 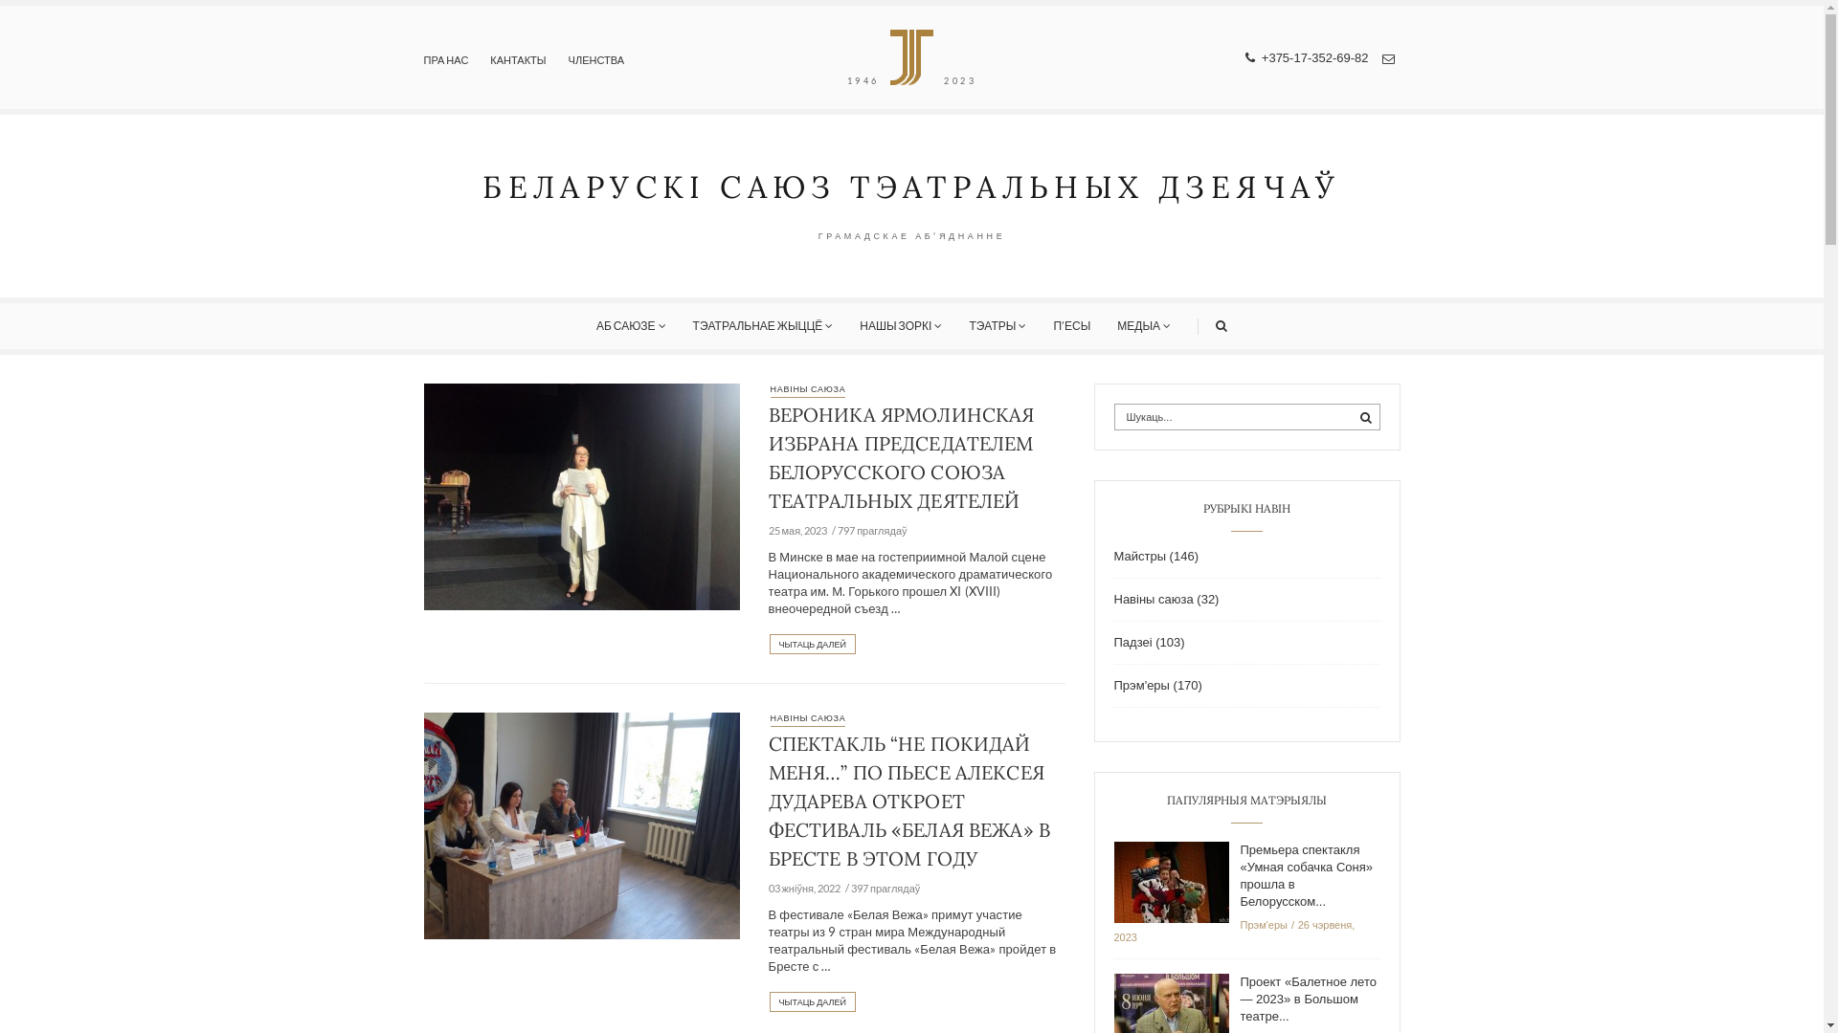 What do you see at coordinates (1244, 56) in the screenshot?
I see `'  +375-17-352-69-82'` at bounding box center [1244, 56].